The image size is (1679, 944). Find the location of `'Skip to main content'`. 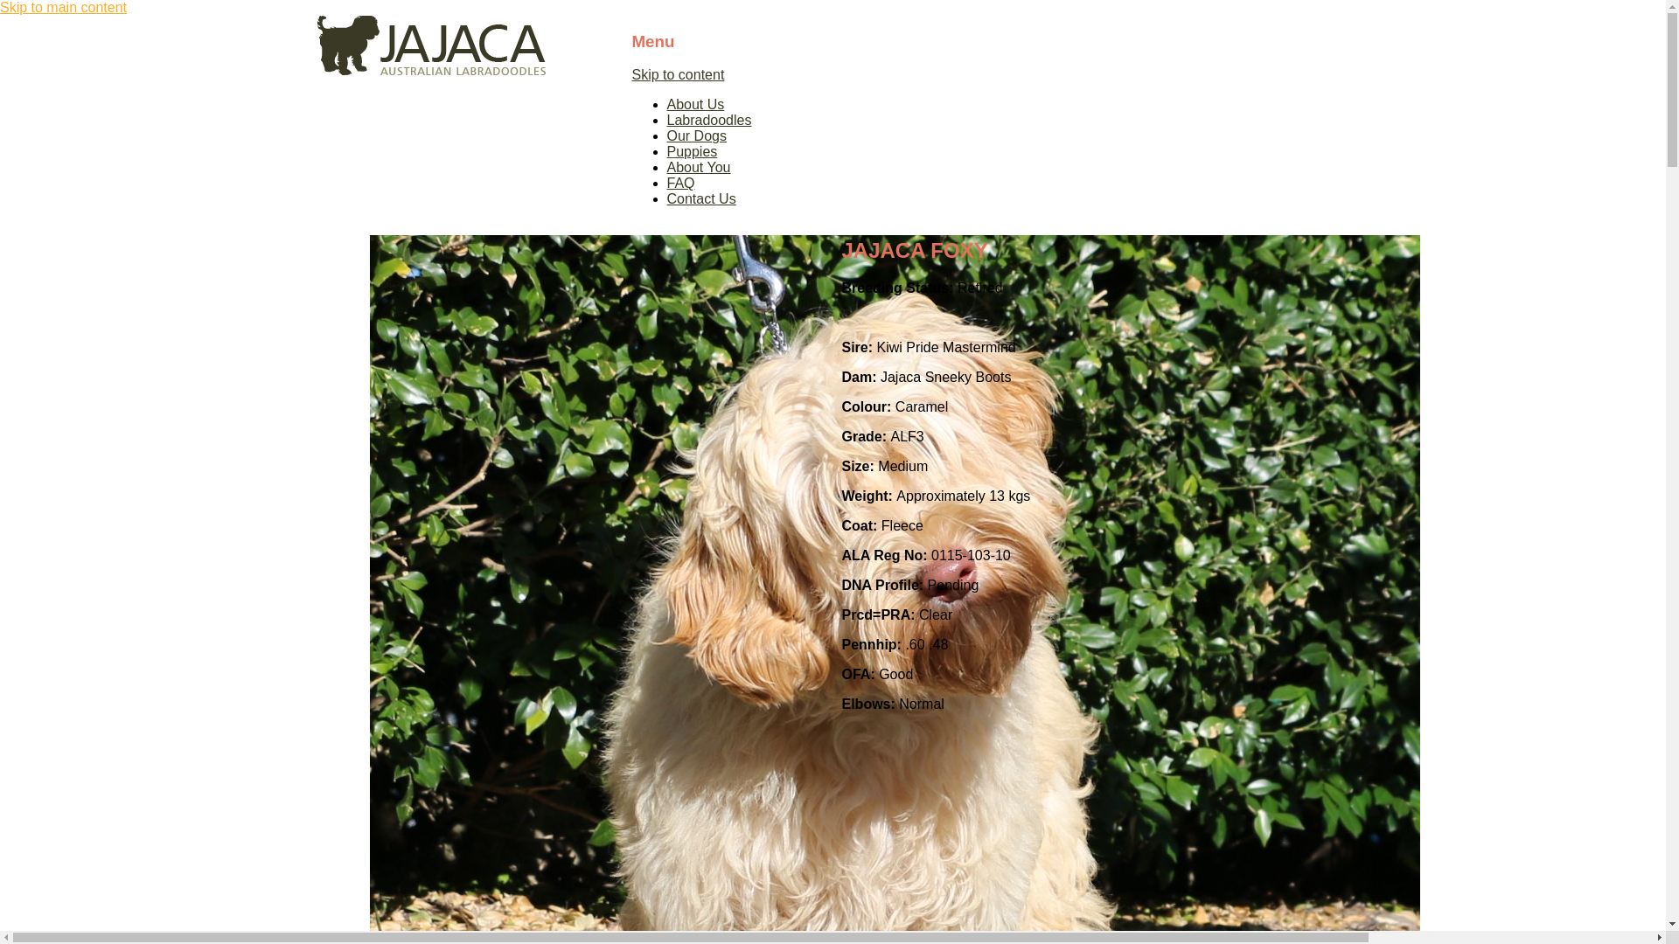

'Skip to main content' is located at coordinates (0, 7).